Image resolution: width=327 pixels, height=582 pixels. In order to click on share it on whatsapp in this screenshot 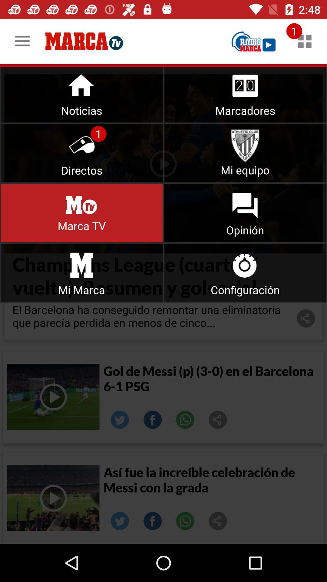, I will do `click(185, 420)`.